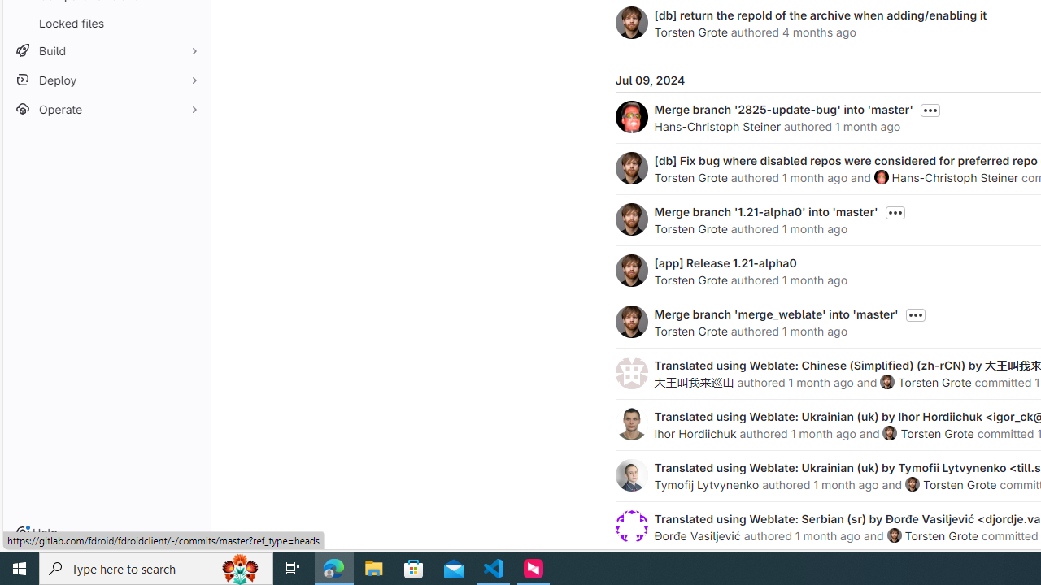 The height and width of the screenshot is (585, 1041). What do you see at coordinates (190, 23) in the screenshot?
I see `'Pin Locked files'` at bounding box center [190, 23].